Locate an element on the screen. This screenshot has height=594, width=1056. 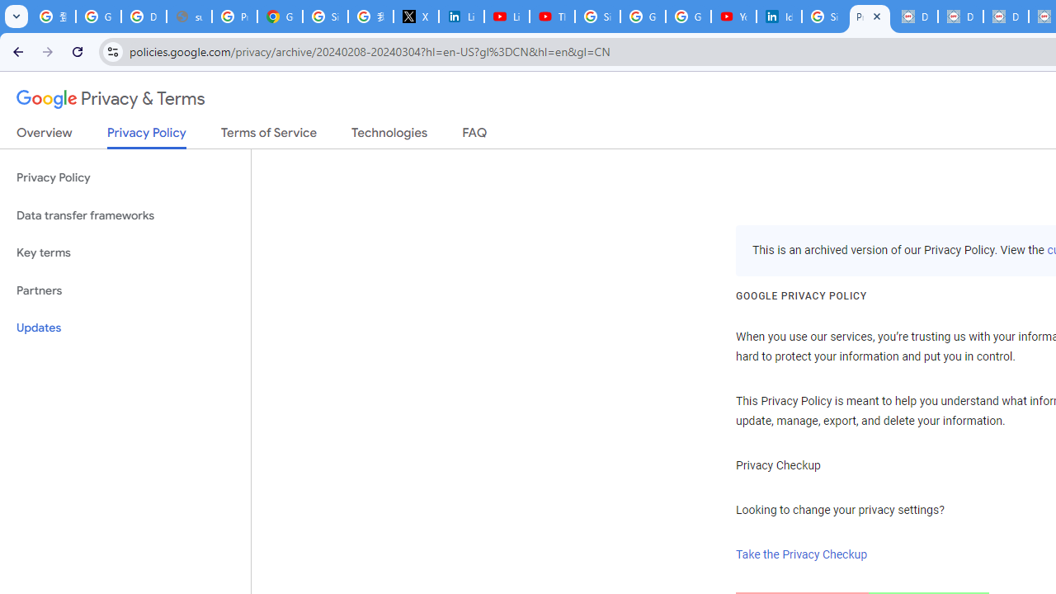
'Data Privacy Framework' is located at coordinates (914, 16).